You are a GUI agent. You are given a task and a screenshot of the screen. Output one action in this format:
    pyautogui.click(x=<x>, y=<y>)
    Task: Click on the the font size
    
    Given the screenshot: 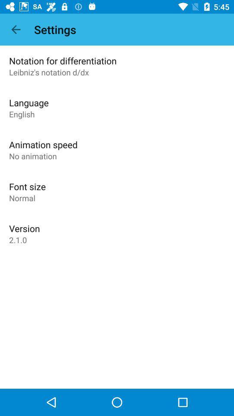 What is the action you would take?
    pyautogui.click(x=27, y=186)
    